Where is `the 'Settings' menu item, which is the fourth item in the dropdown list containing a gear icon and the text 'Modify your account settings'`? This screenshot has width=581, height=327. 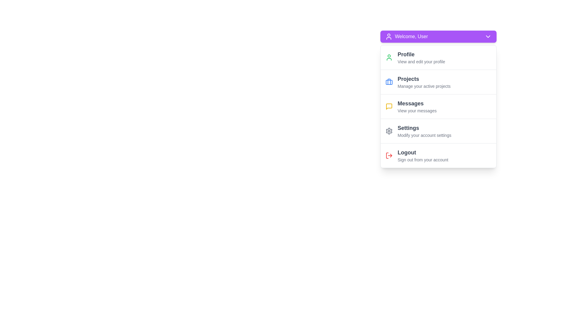
the 'Settings' menu item, which is the fourth item in the dropdown list containing a gear icon and the text 'Modify your account settings' is located at coordinates (438, 130).